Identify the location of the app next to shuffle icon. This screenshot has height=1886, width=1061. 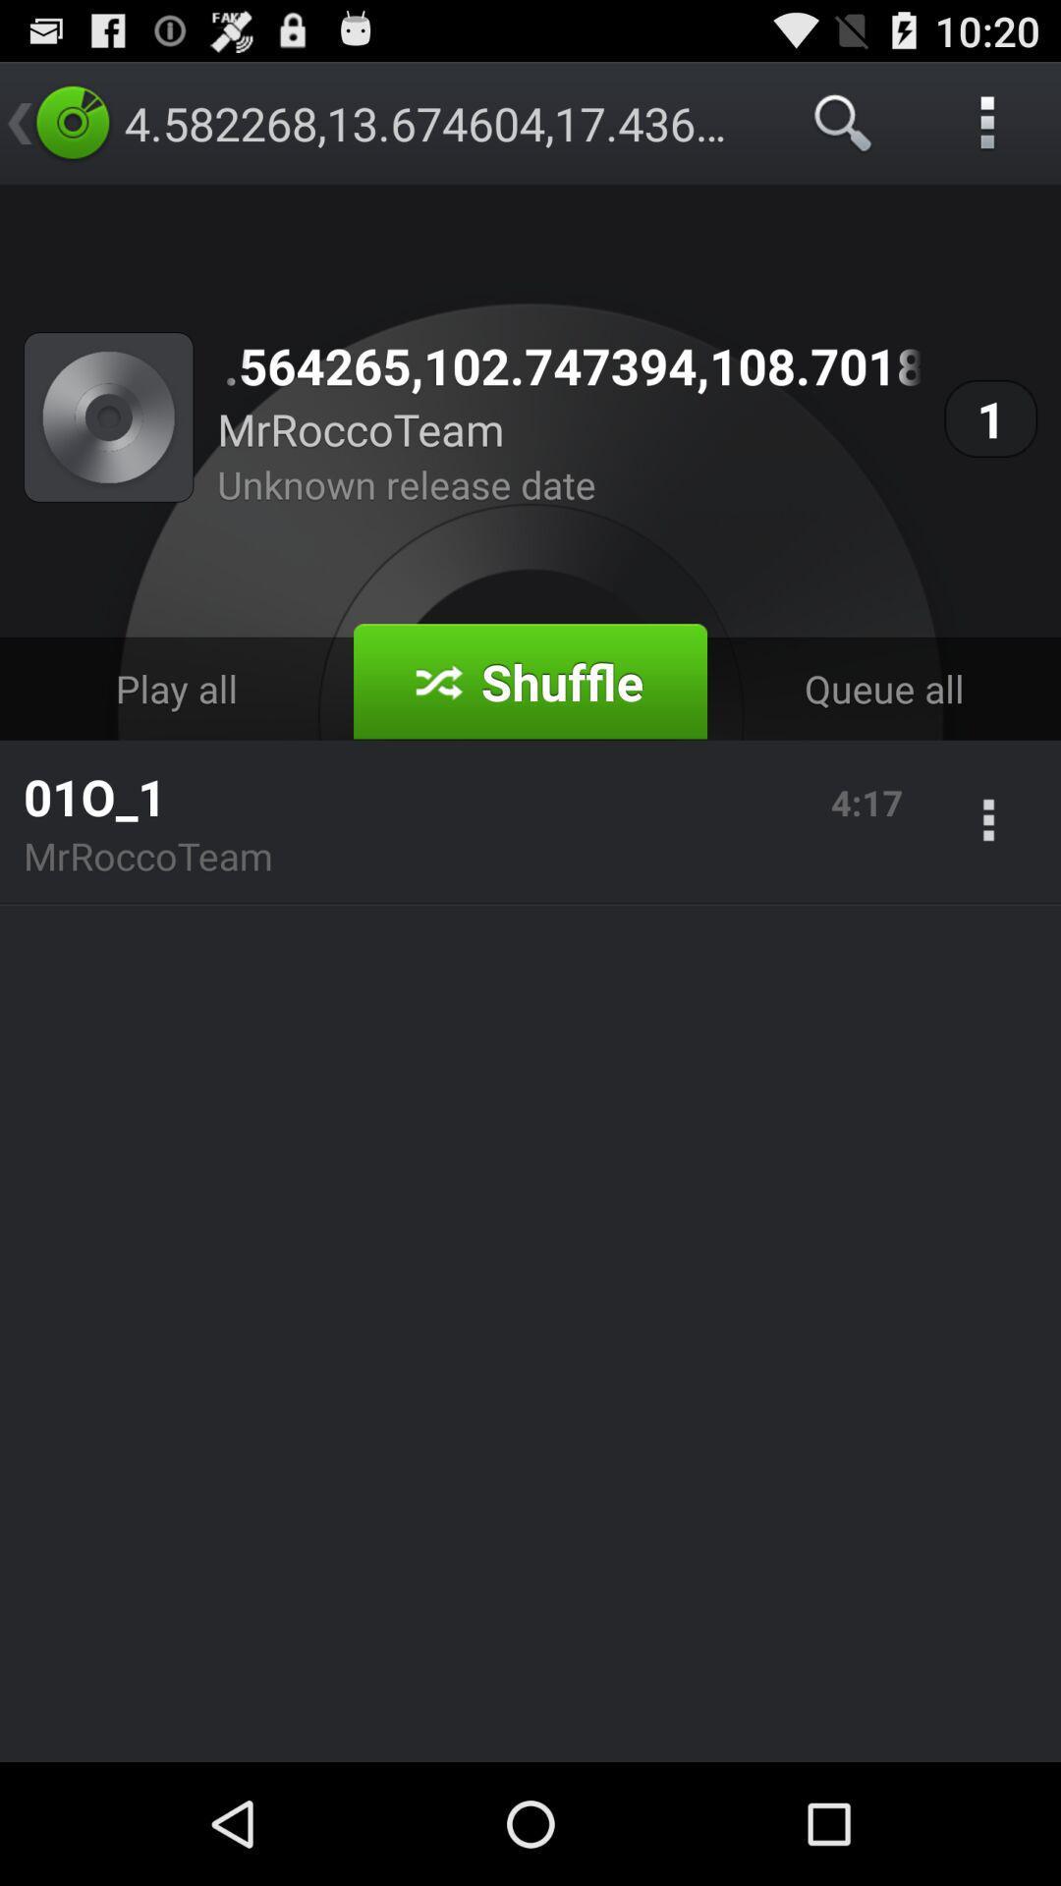
(882, 689).